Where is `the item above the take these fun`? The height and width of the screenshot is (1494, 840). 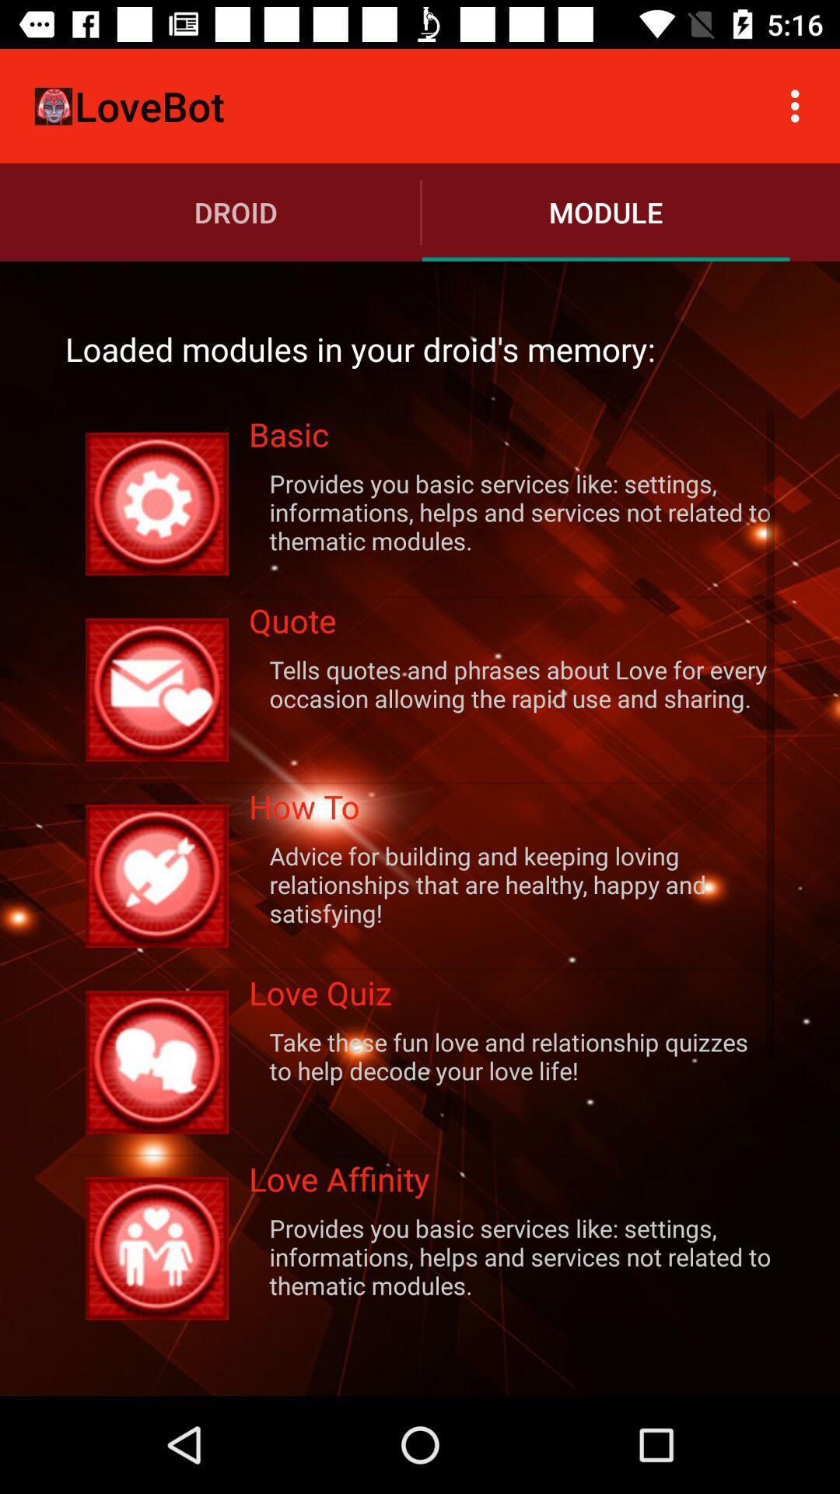
the item above the take these fun is located at coordinates (512, 998).